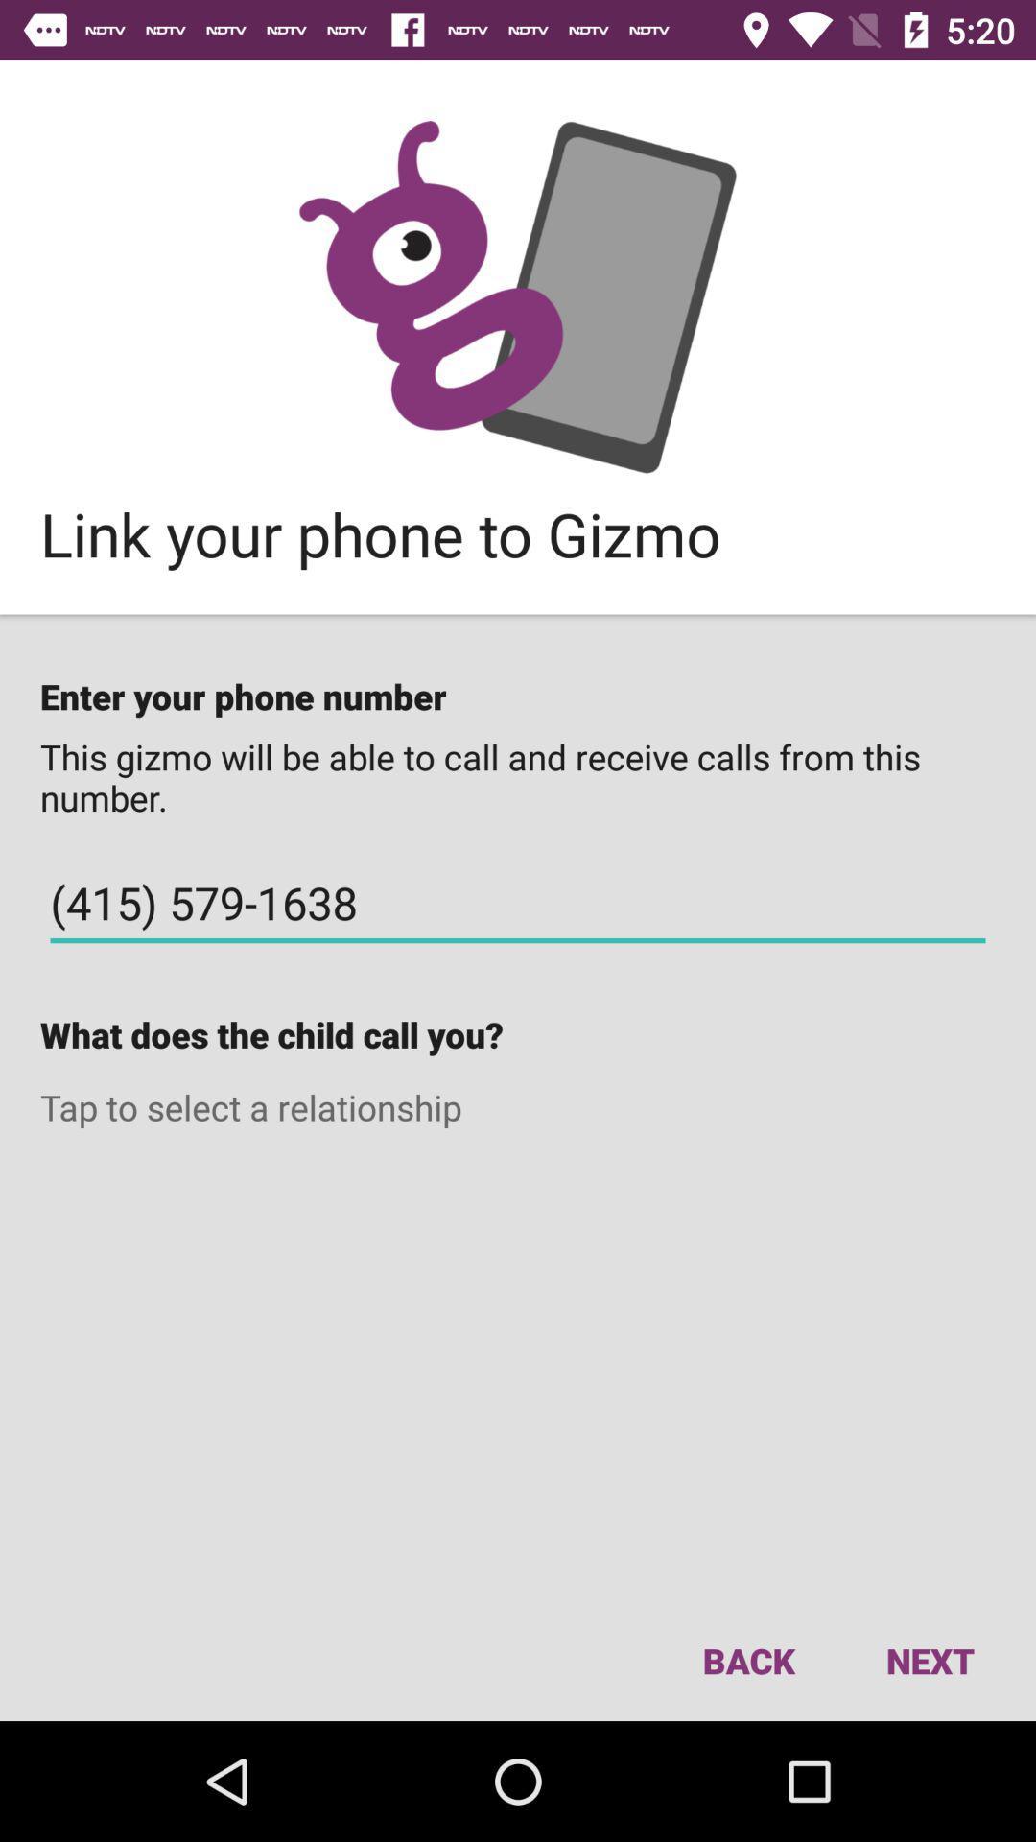  Describe the element at coordinates (929, 1660) in the screenshot. I see `the icon next to back item` at that location.